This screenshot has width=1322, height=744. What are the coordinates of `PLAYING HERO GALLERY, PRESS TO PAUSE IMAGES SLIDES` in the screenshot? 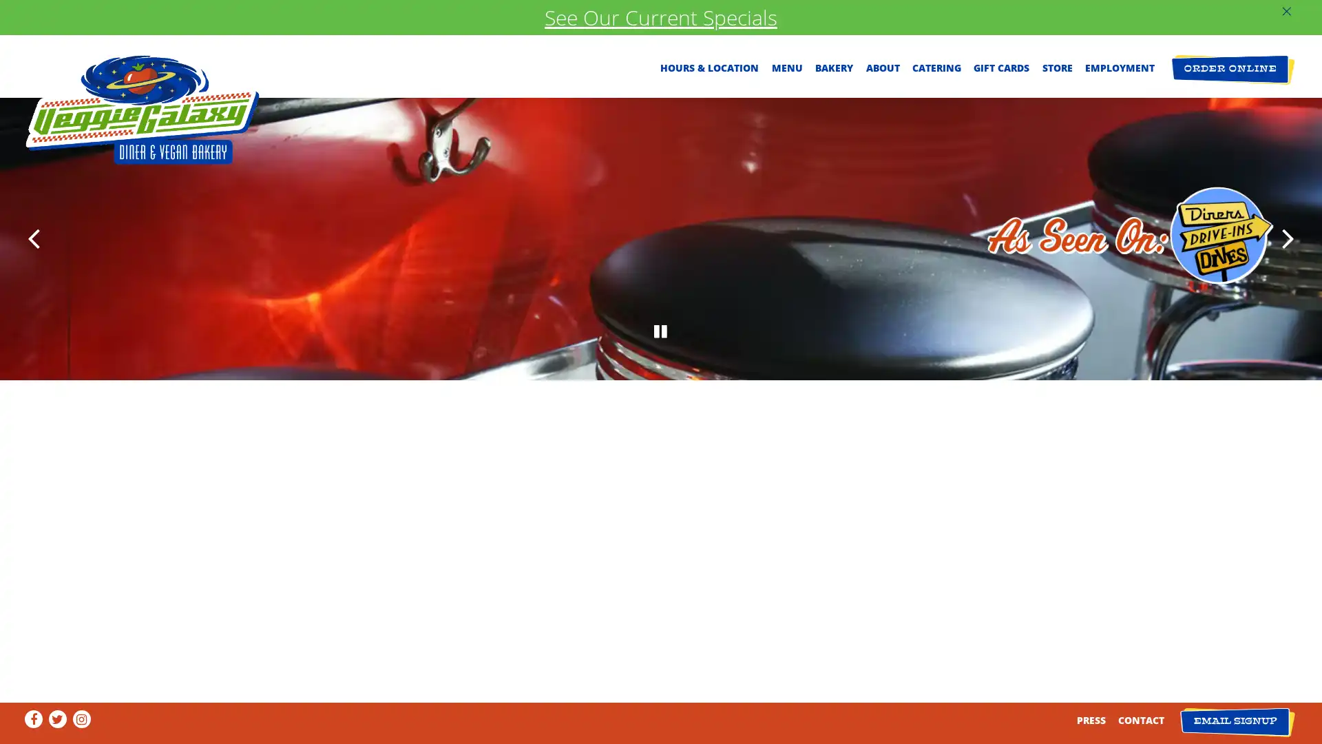 It's located at (661, 622).